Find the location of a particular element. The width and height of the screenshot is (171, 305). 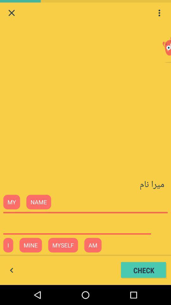

the option check is located at coordinates (144, 270).